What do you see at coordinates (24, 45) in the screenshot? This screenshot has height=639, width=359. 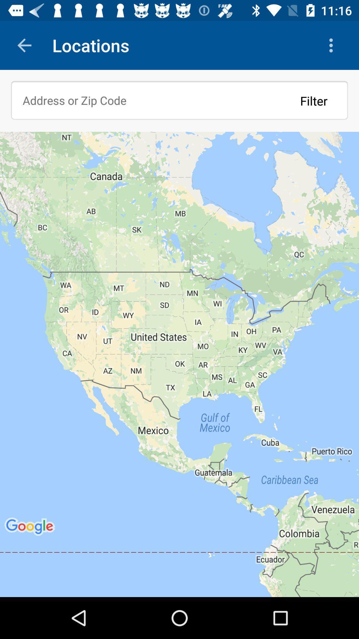 I see `app next to locations item` at bounding box center [24, 45].